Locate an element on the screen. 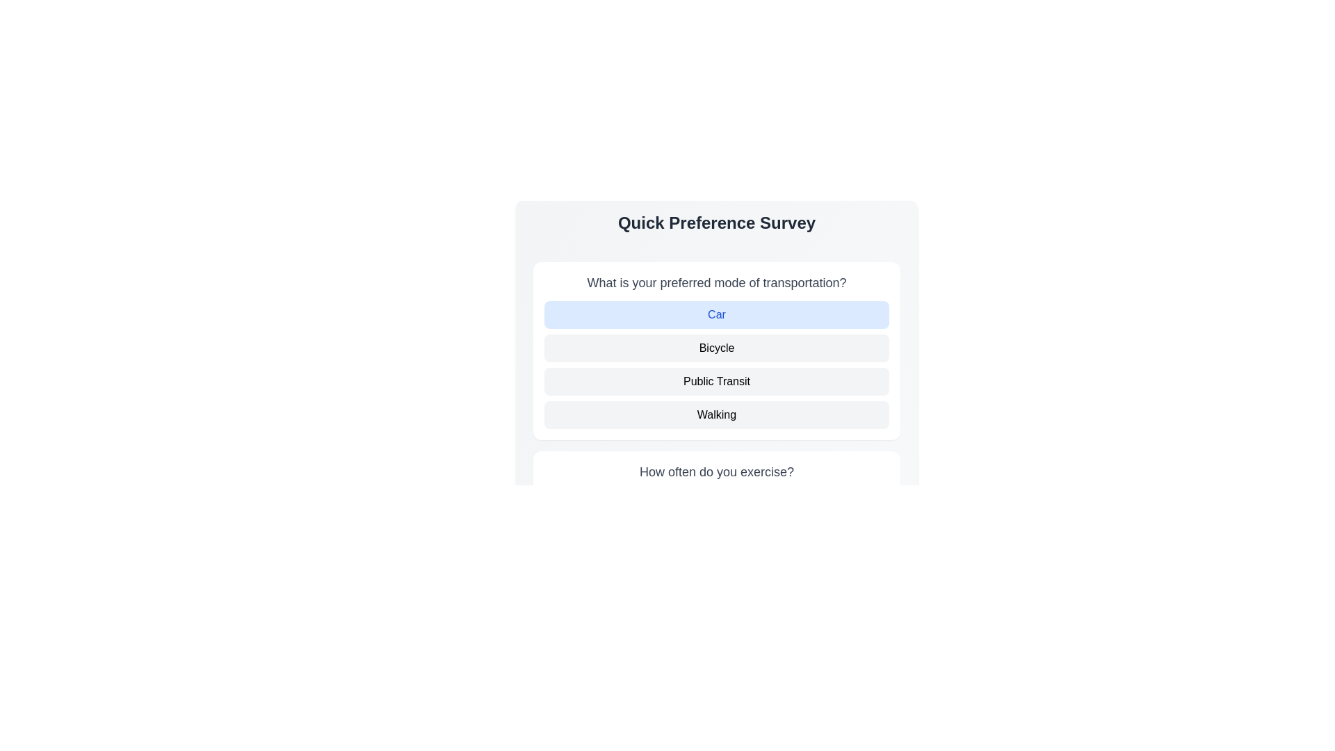  the option in the vertical list of selectable transportation modes labeled 'Car', 'Bicycle', 'Public Transit', and 'Walking' is located at coordinates (717, 364).